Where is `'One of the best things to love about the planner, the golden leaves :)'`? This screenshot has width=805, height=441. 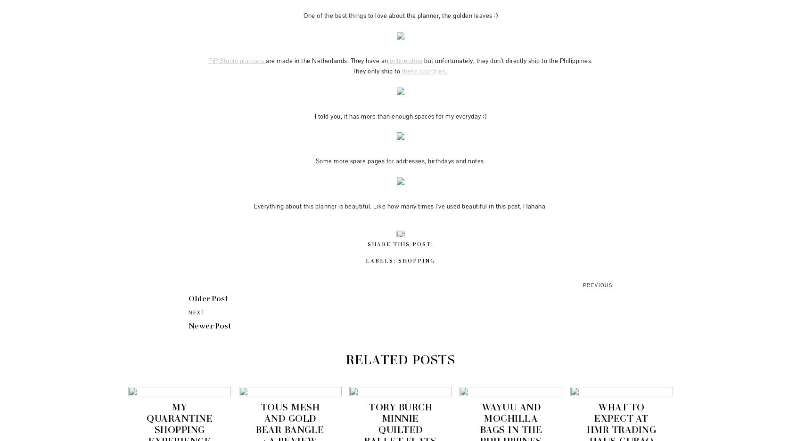 'One of the best things to love about the planner, the golden leaves :)' is located at coordinates (401, 16).